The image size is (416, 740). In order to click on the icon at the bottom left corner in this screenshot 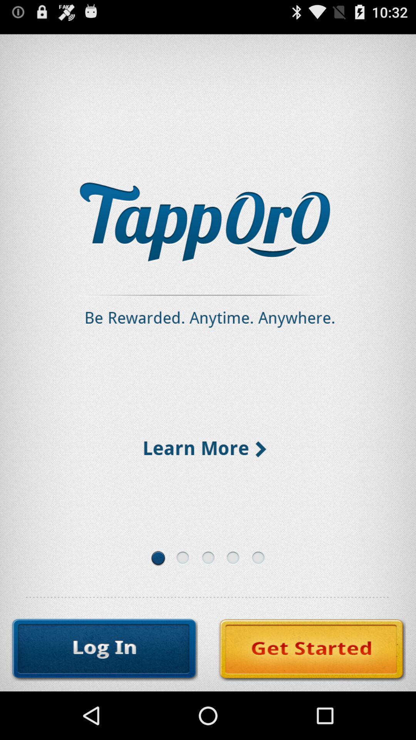, I will do `click(104, 649)`.